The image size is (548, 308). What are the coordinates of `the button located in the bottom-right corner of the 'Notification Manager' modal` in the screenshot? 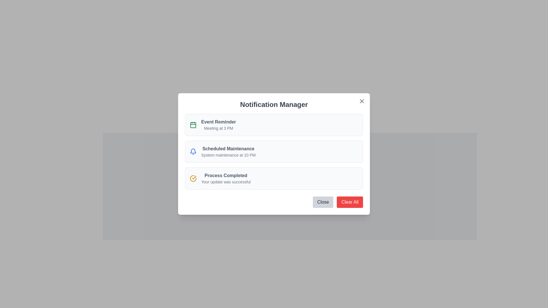 It's located at (323, 202).